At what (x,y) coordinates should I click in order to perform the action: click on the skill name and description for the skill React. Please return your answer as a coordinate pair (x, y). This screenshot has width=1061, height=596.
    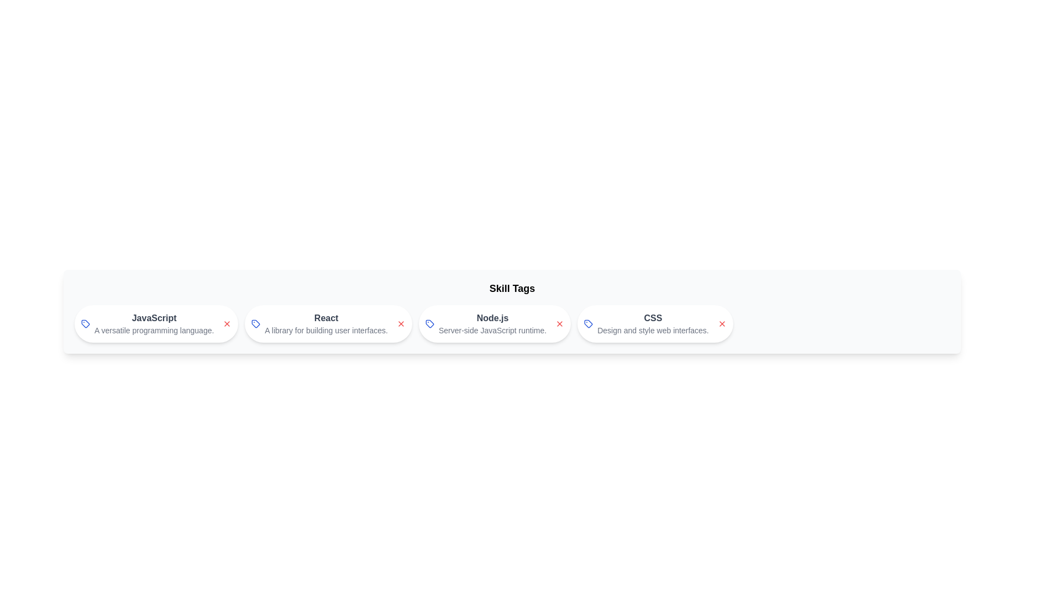
    Looking at the image, I should click on (325, 318).